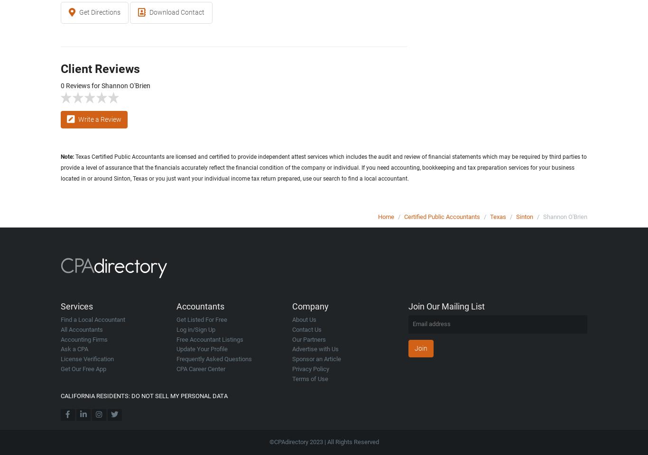 Image resolution: width=648 pixels, height=455 pixels. What do you see at coordinates (323, 167) in the screenshot?
I see `'Texas Certified Public Accountants are licensed and certified to provide independent attest services which includes the audit and review of financial statements which may be required by third parties to provide a level of assurance that the financials accurately reflect the financial condition of the company or individual. If you need accounting, bookkeeping and tax preparation services for your business located in or around Sinton, Texas or you just want your individual income tax return prepared, use our search to find a local accountant.'` at bounding box center [323, 167].